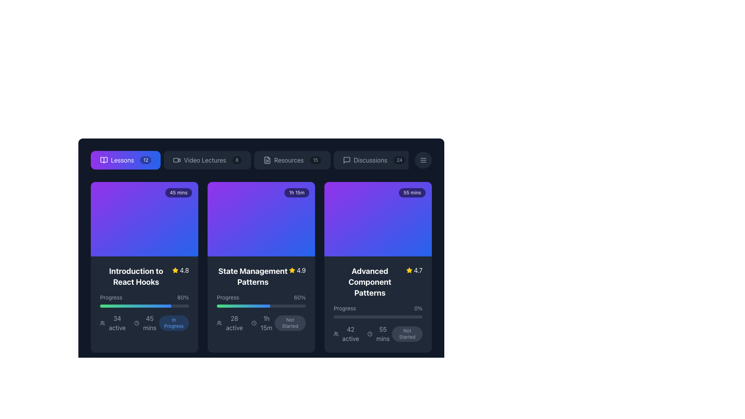 The image size is (745, 419). Describe the element at coordinates (378, 282) in the screenshot. I see `the informative text element displaying the lesson title and its rating, located in the bottom part of the third card in a horizontally aligned card group, just below the purple content box` at that location.